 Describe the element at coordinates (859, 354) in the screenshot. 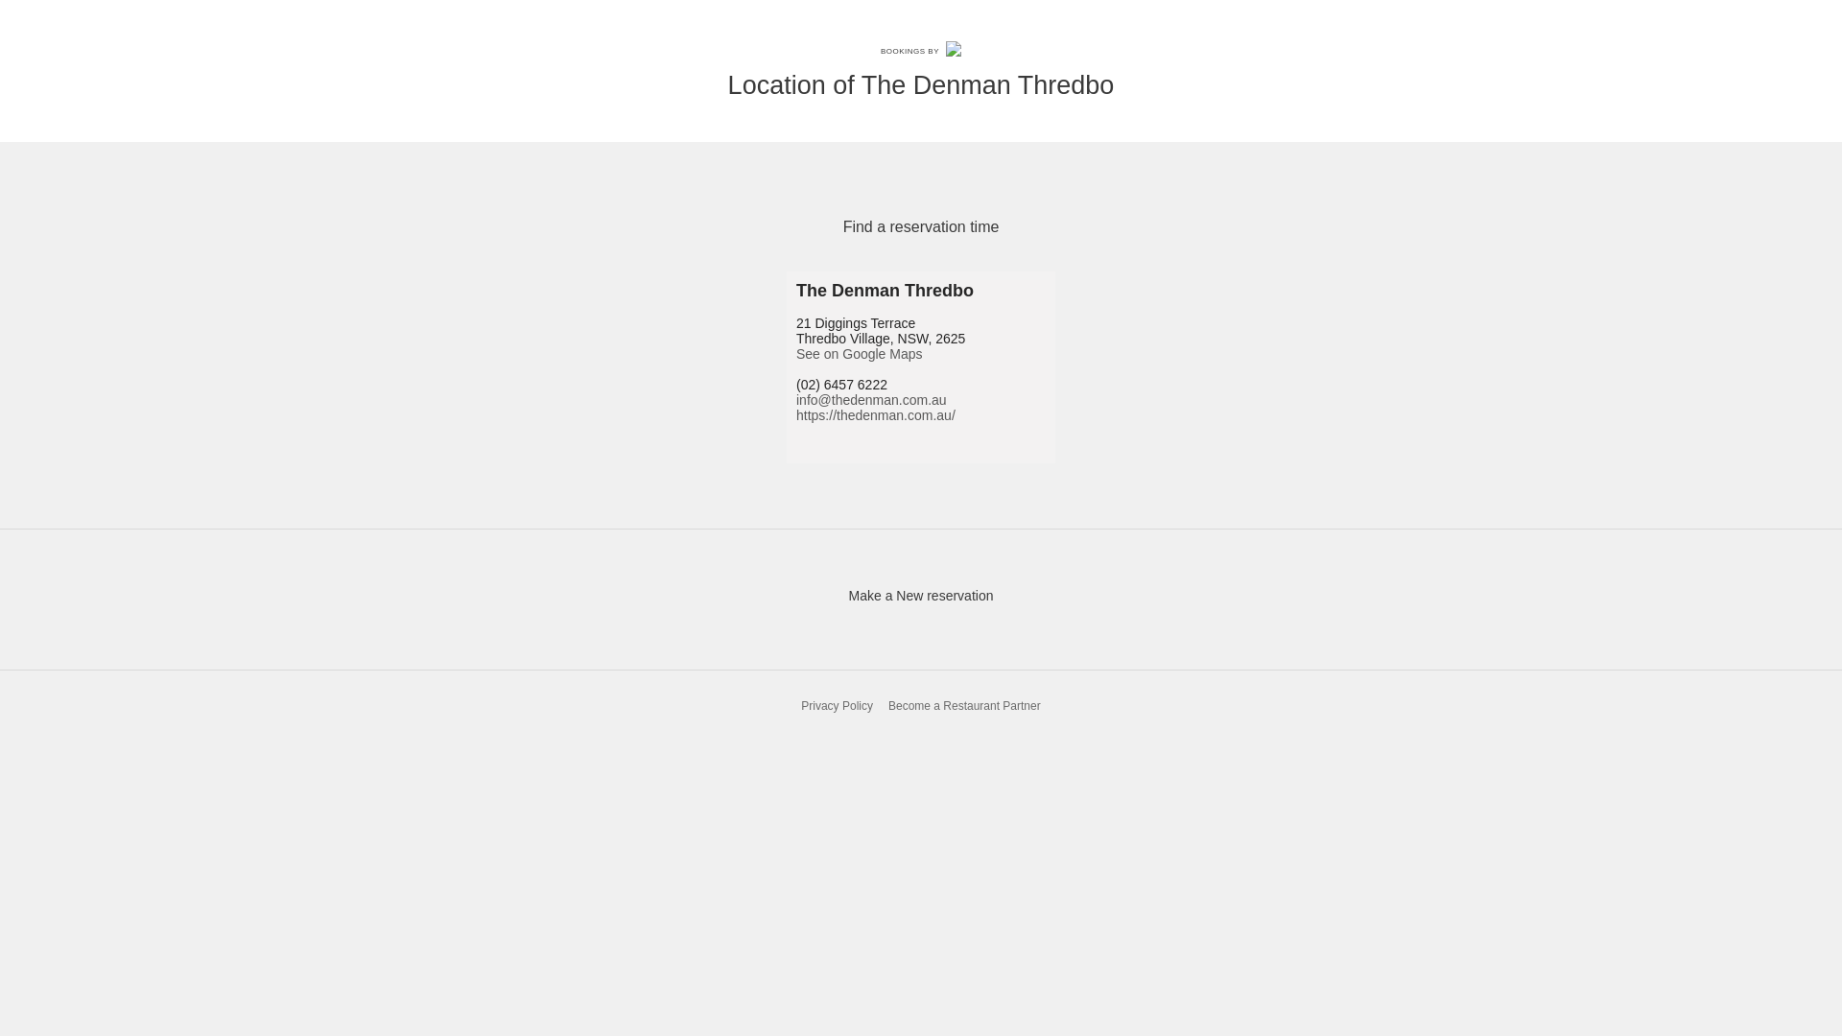

I see `'See on Google Maps'` at that location.